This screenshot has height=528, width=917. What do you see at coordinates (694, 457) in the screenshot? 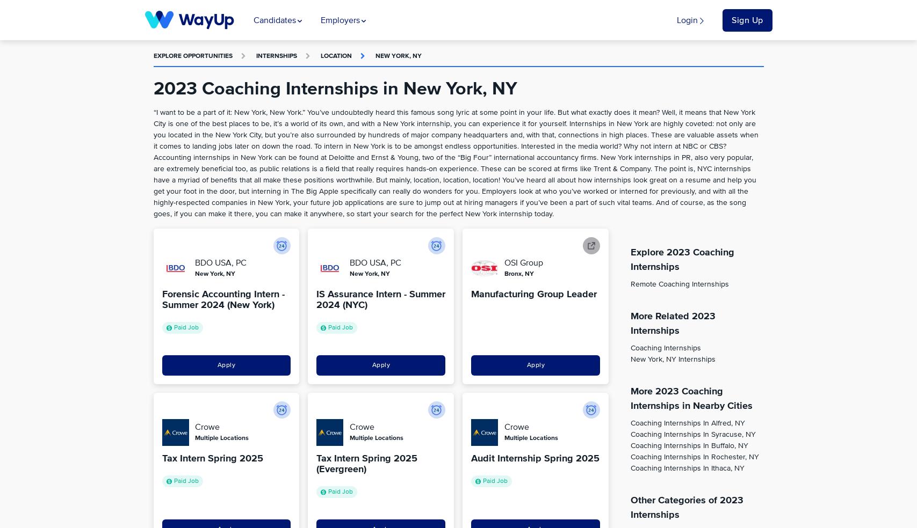
I see `'Coaching Internships in Rochester, NY'` at bounding box center [694, 457].